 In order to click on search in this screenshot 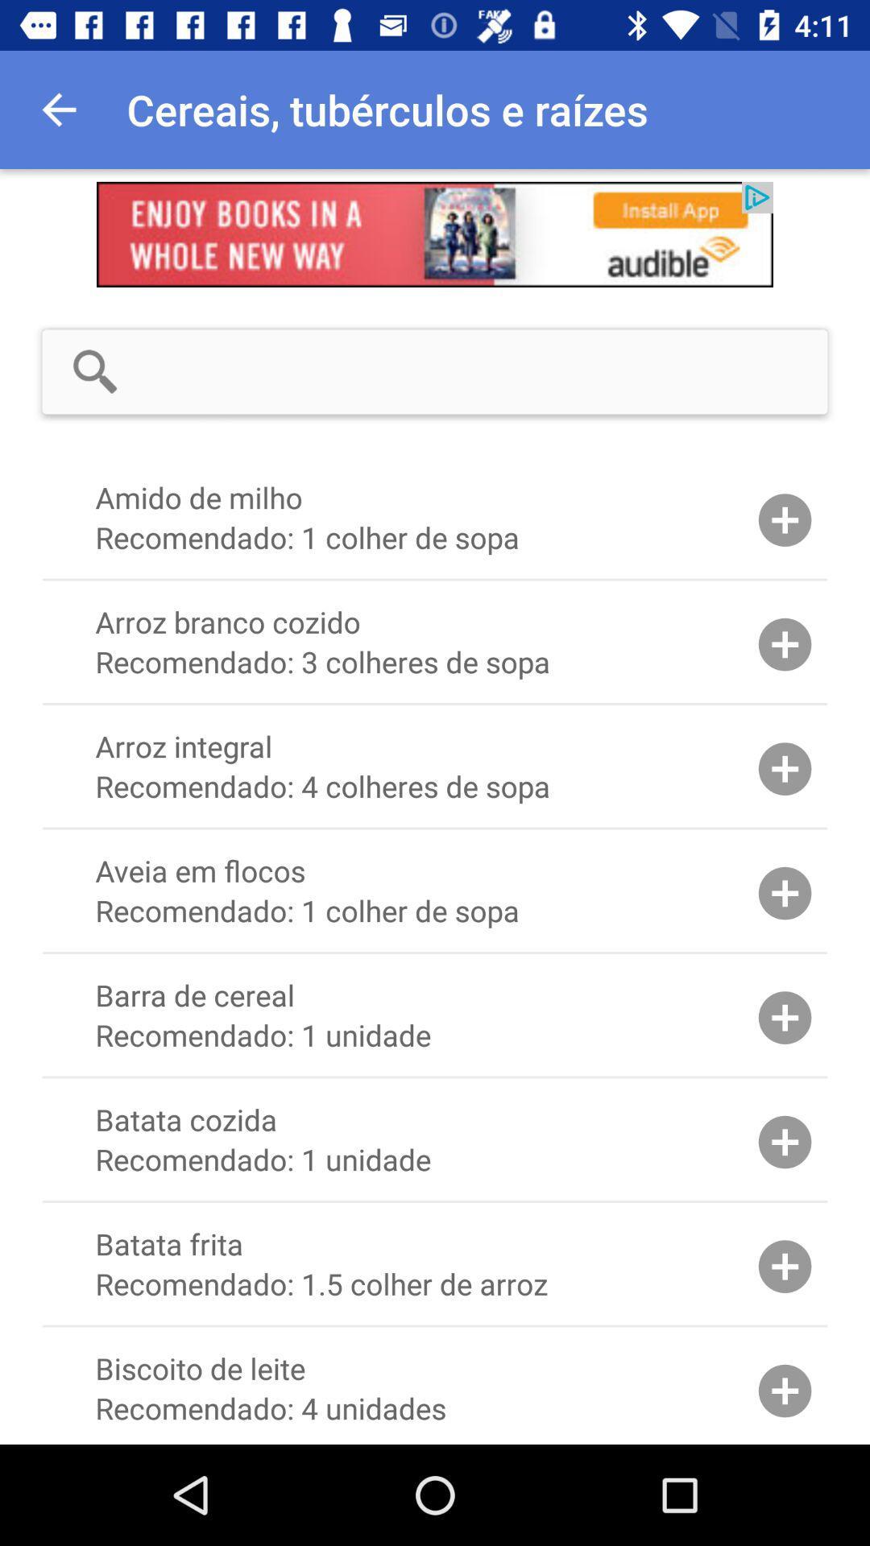, I will do `click(487, 370)`.